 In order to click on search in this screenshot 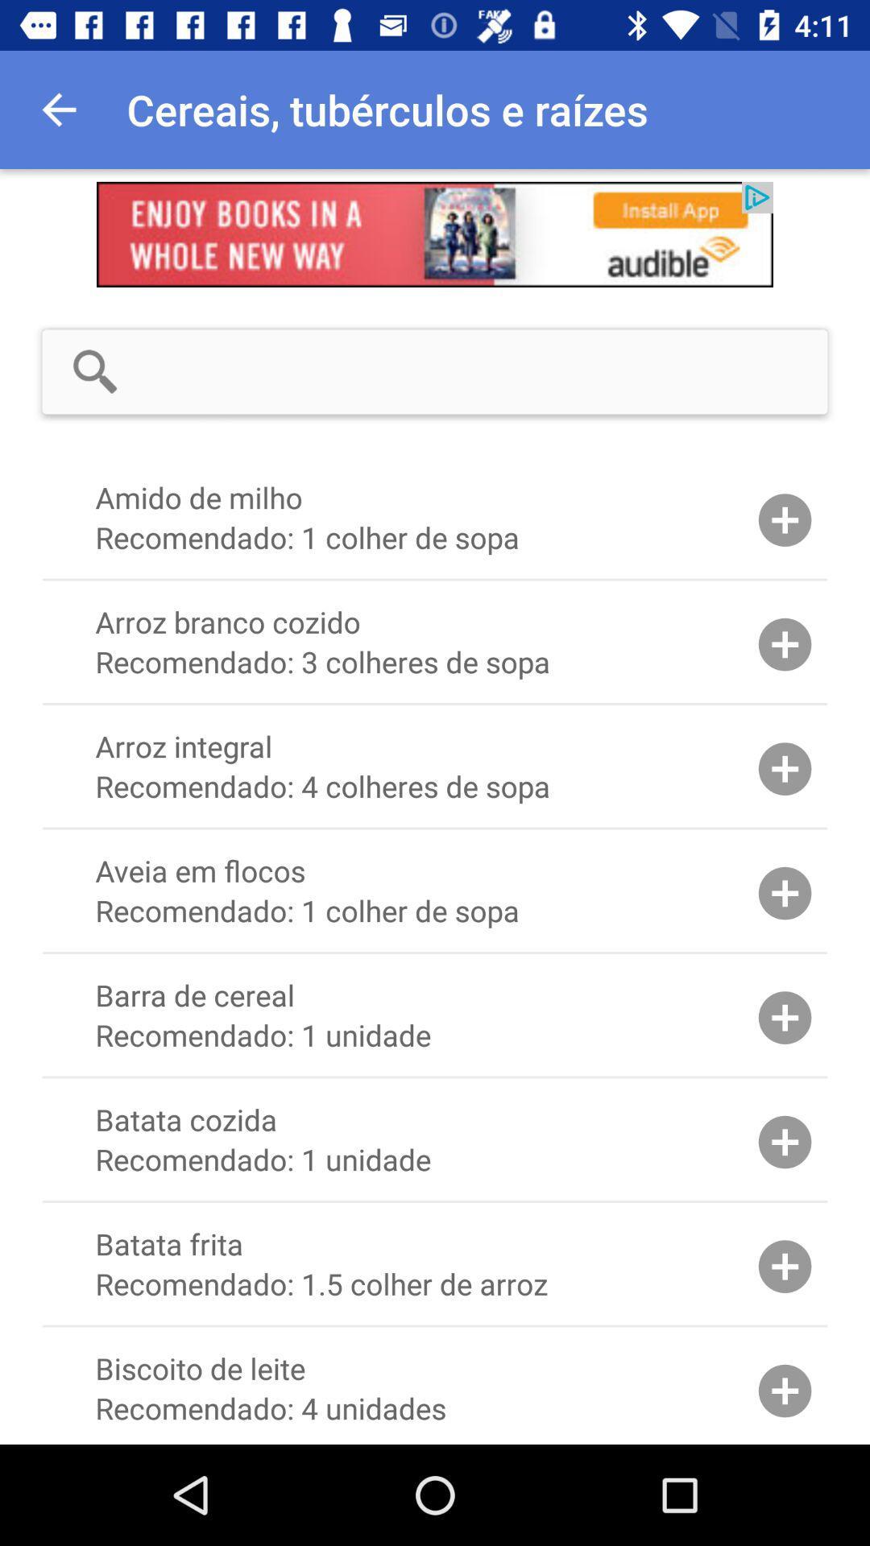, I will do `click(487, 370)`.